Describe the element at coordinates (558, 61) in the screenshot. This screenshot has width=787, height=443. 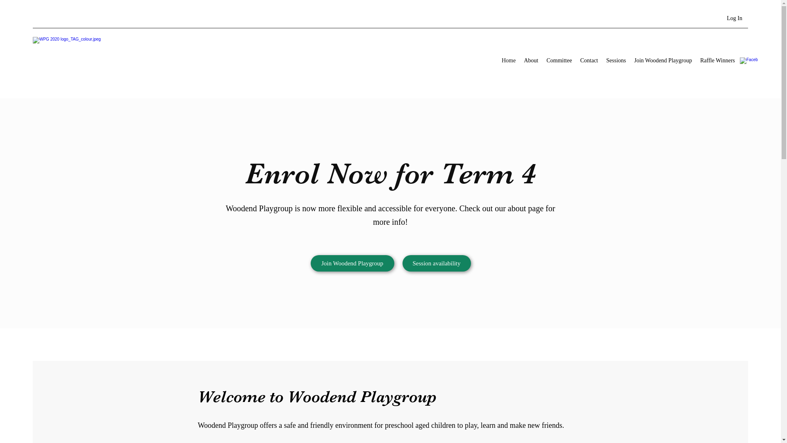
I see `'Committee'` at that location.